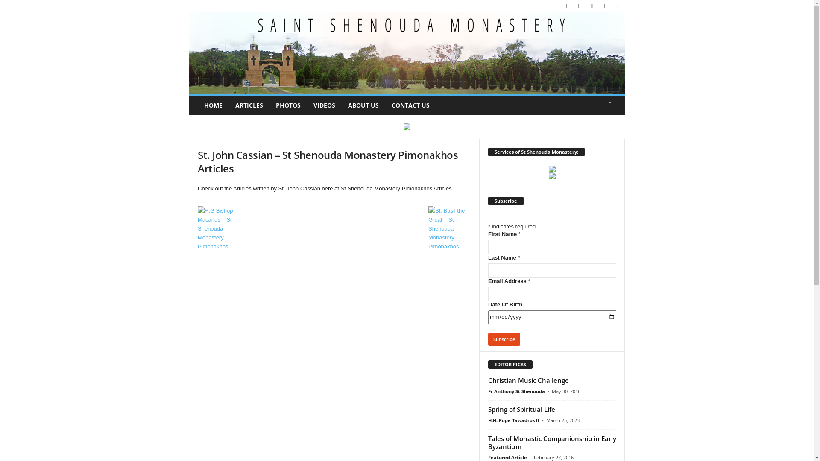 This screenshot has width=820, height=461. Describe the element at coordinates (188, 53) in the screenshot. I see `'St Shenouda Monastery'` at that location.